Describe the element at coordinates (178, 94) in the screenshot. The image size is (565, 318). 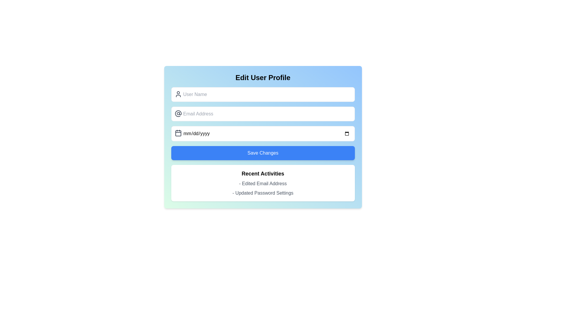
I see `the user icon, which is an SVG representation of a user with a circular head and semi-circular base, located at the leftmost part of the 'User Name' input field` at that location.